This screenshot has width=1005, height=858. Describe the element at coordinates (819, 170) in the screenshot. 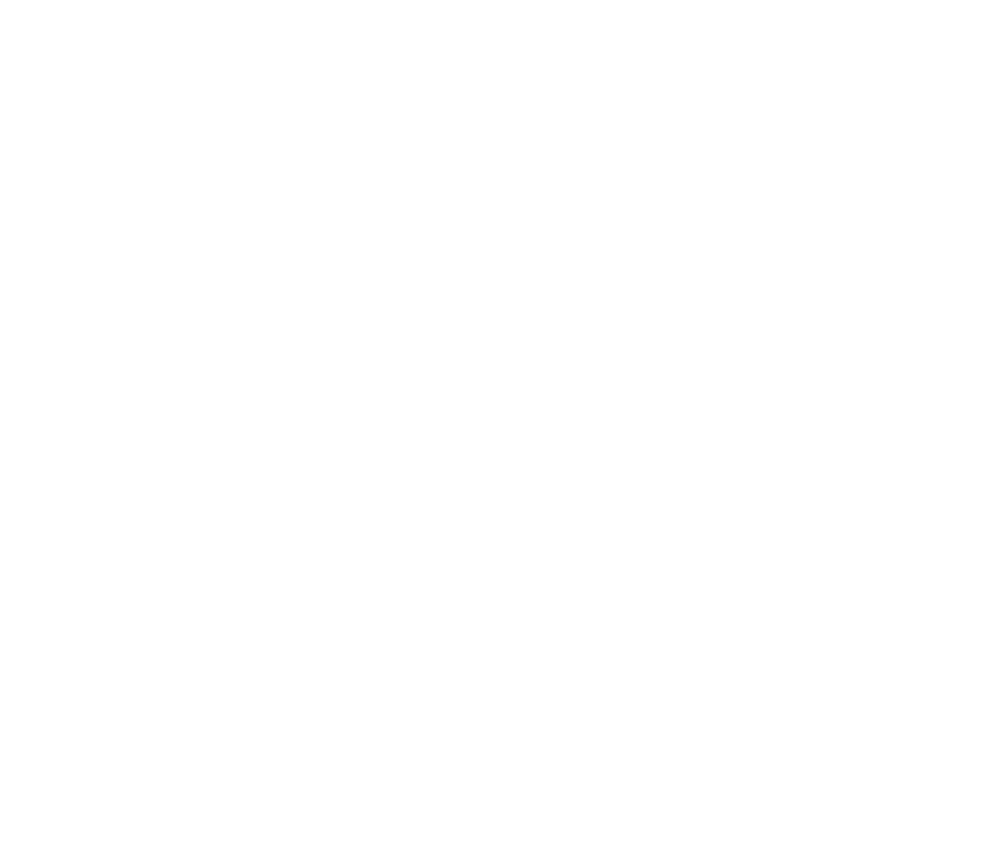

I see `'Ingenious design and excellent storage make this an ideal family 'van, especially if you all enjoy...'` at that location.